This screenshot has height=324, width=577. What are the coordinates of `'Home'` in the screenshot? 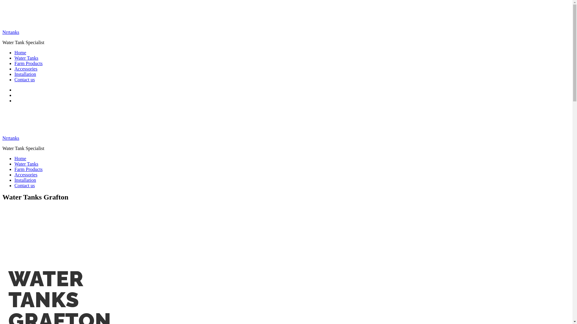 It's located at (20, 52).